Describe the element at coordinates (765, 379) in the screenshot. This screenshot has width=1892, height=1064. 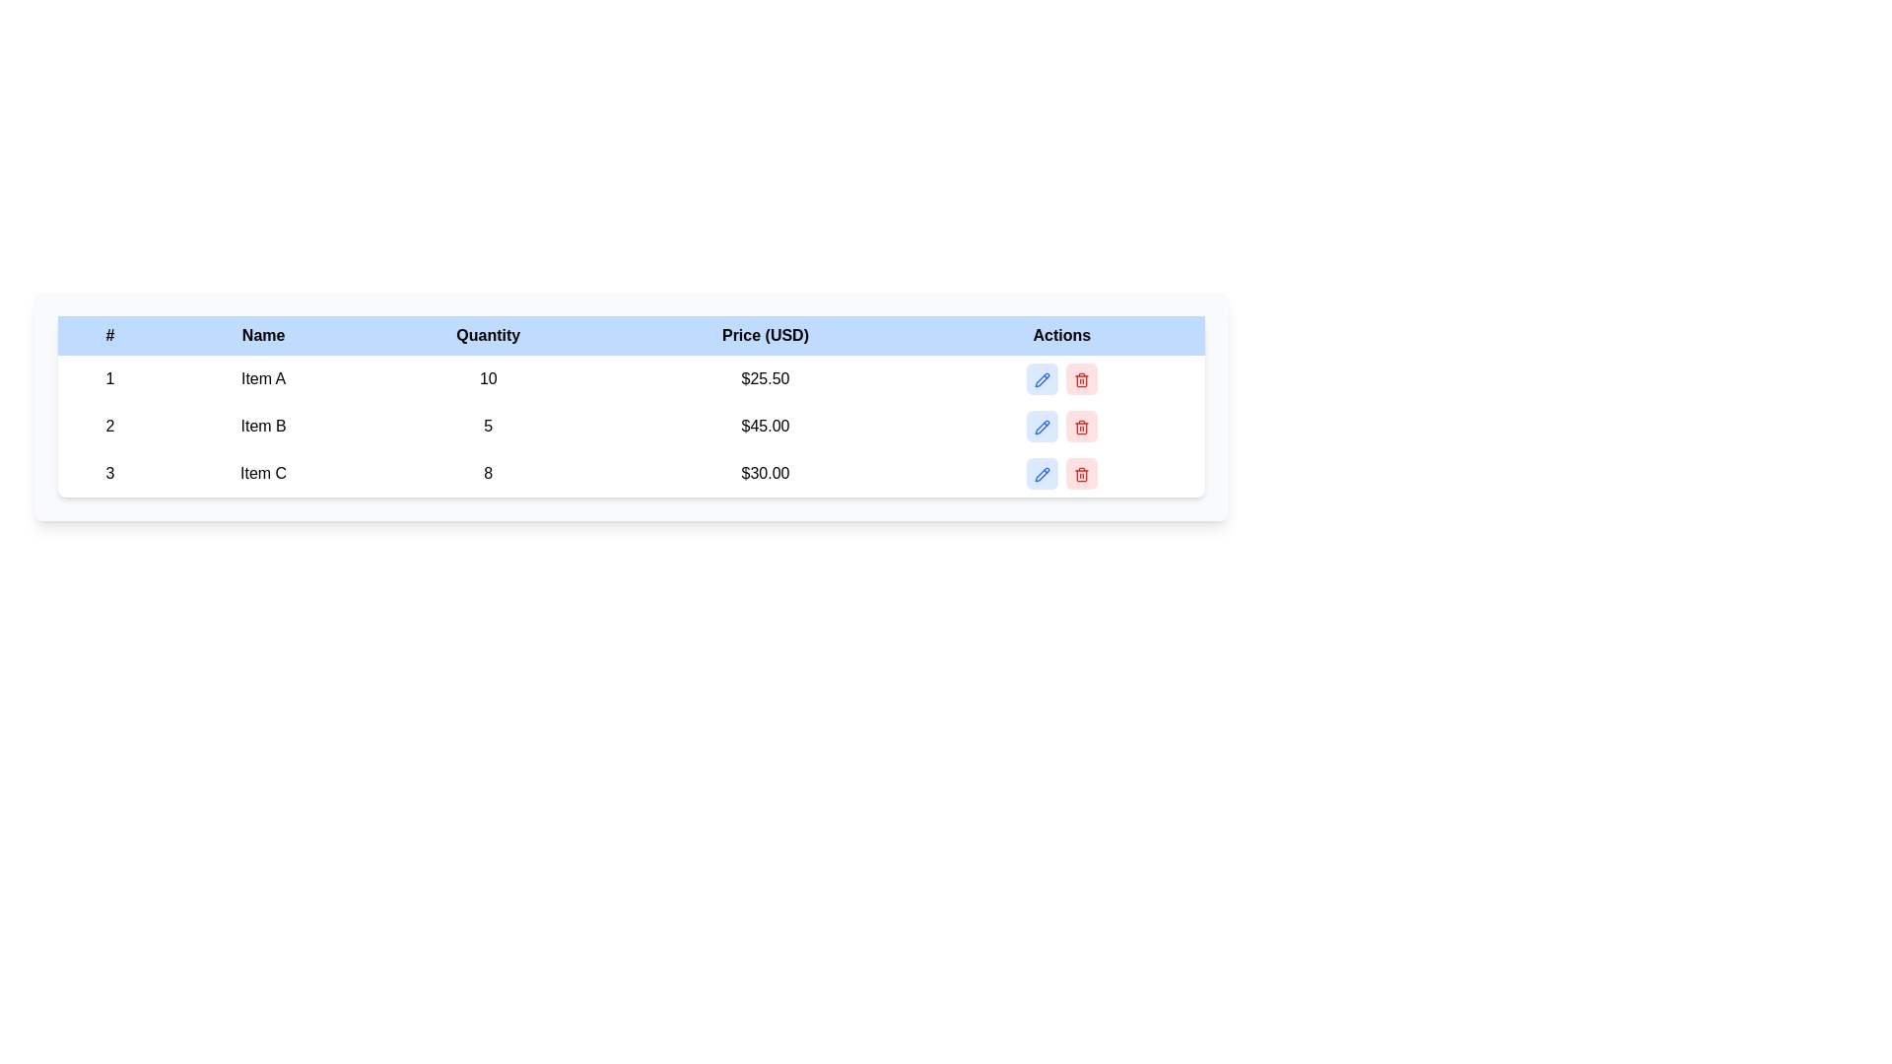
I see `the text display showing the value '$25.50' in the 'Price (USD)' column of the table for 'Item A'` at that location.